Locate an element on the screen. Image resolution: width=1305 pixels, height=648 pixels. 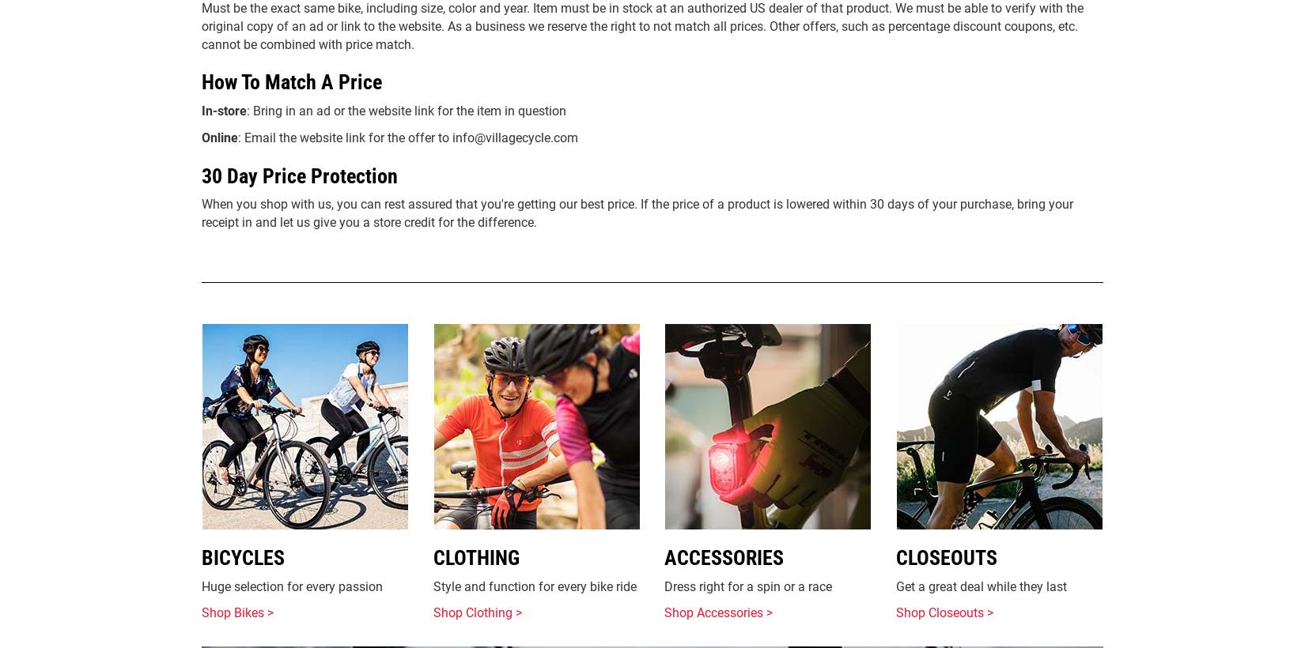
'BICYCLES' is located at coordinates (243, 557).